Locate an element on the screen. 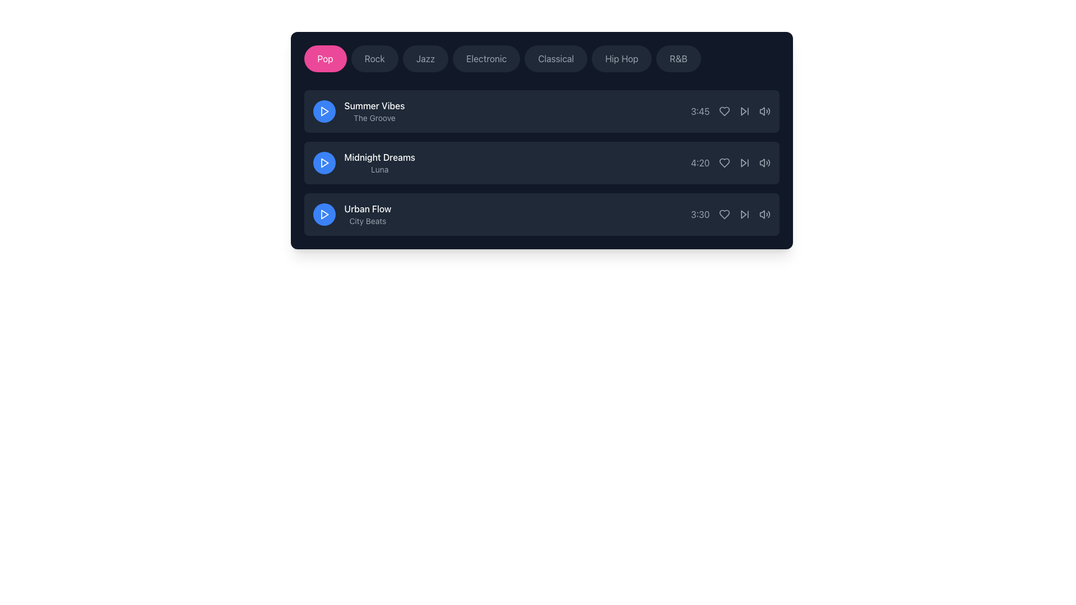 This screenshot has width=1076, height=605. the compact play icon button, which is a triangular shape pointing to the right, located adjacent to the song title 'Summer Vibes - The Groove' is located at coordinates (323, 111).